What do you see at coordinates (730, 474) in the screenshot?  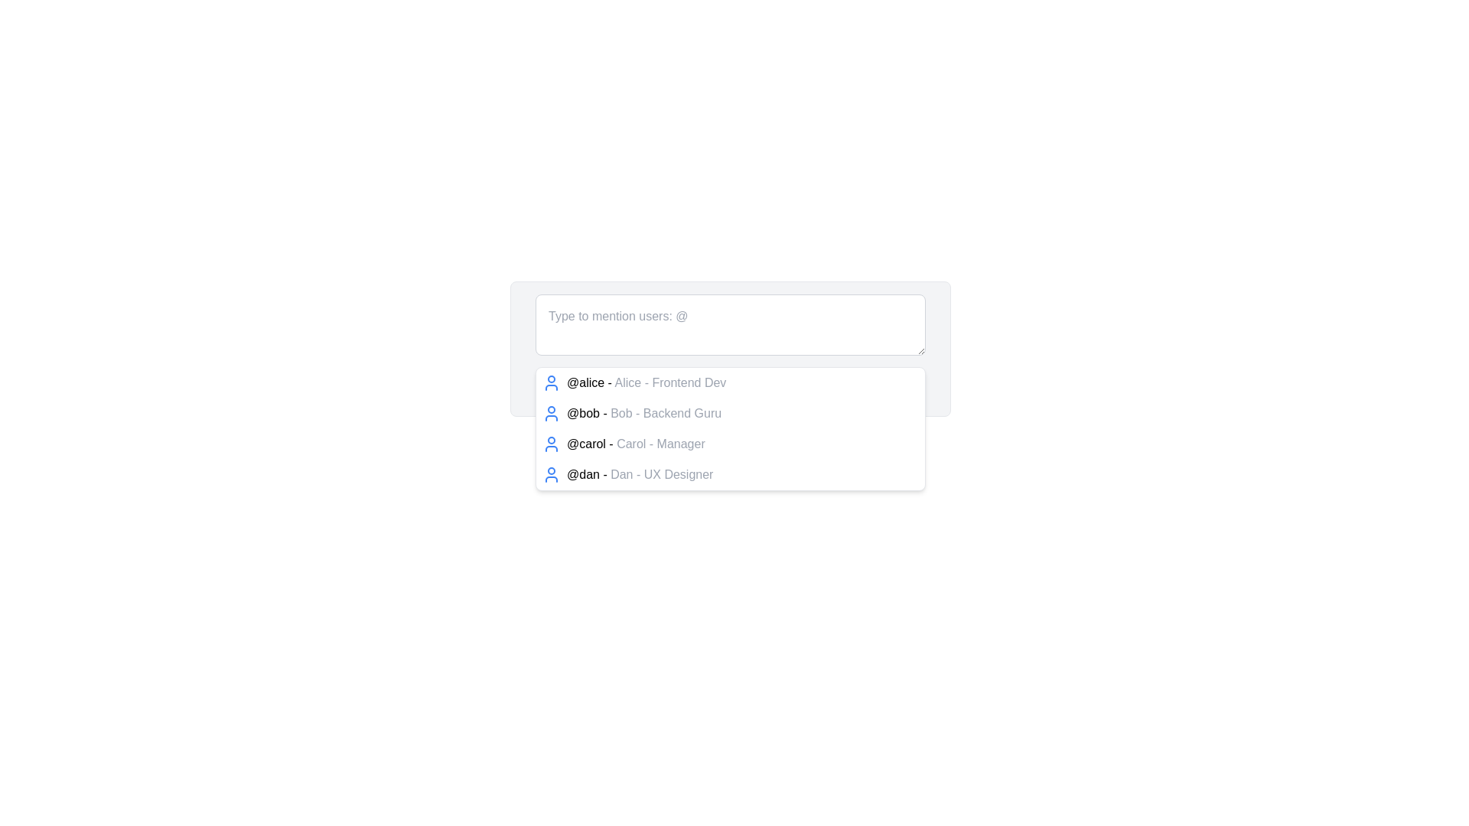 I see `the user avatar menu item featuring '@dan - Dan - UX Designer'` at bounding box center [730, 474].